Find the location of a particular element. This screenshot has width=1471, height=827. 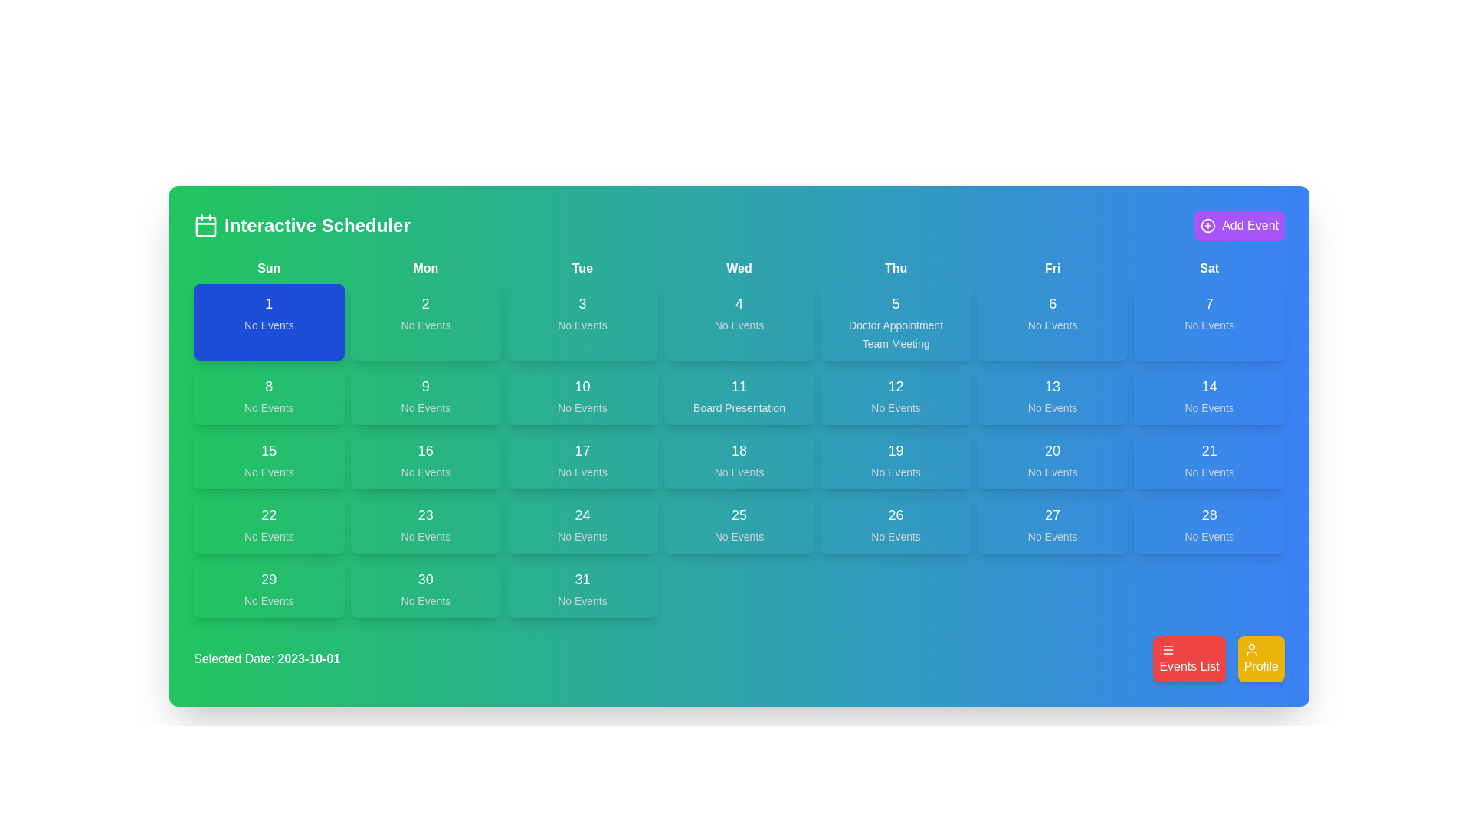

the fourth day block of the interactive calendar, displaying '4' with 'No Events' below it is located at coordinates (739, 321).